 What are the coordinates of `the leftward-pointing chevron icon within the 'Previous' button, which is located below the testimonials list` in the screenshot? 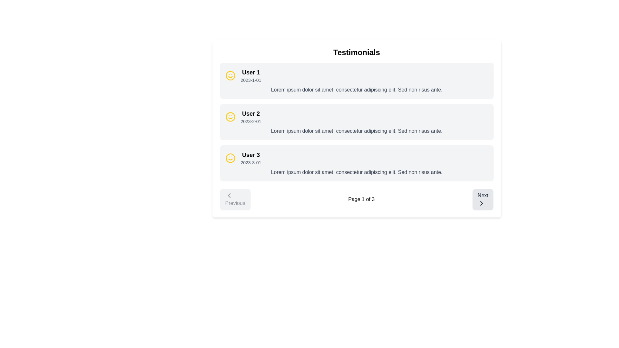 It's located at (229, 195).